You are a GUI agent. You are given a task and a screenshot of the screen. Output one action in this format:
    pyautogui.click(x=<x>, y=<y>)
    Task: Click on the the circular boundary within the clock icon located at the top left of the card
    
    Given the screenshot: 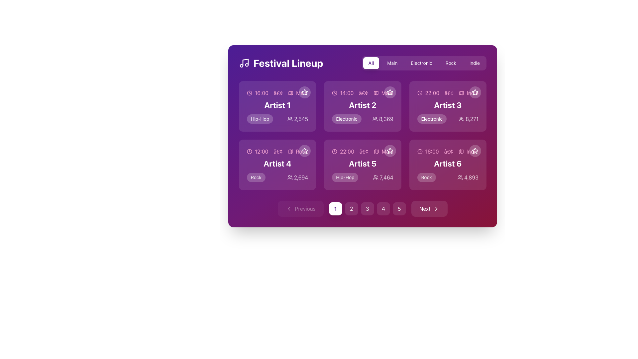 What is the action you would take?
    pyautogui.click(x=249, y=93)
    